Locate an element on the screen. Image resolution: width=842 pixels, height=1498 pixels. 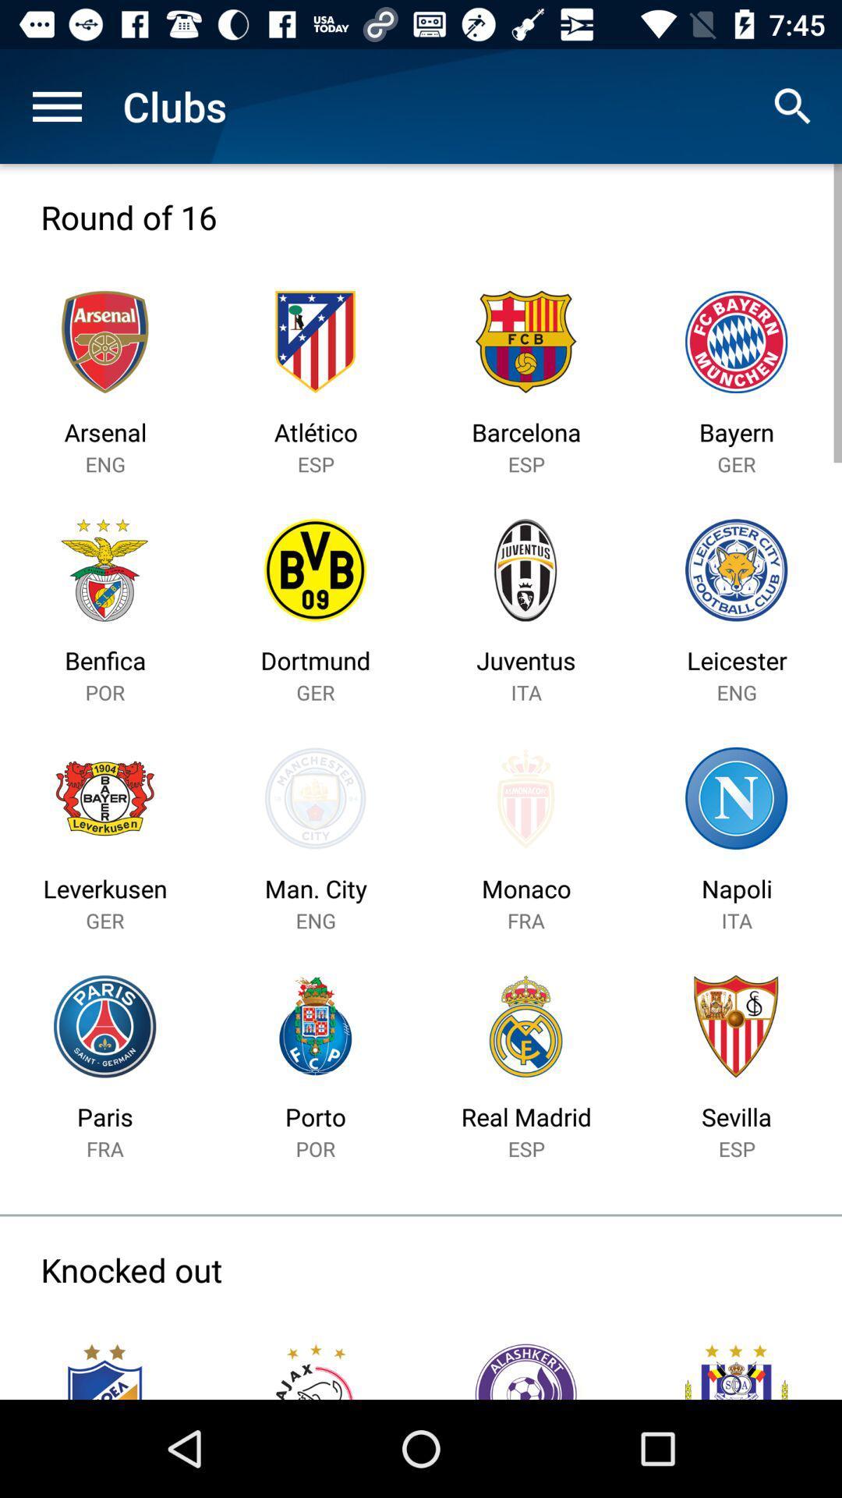
more sections is located at coordinates (56, 105).